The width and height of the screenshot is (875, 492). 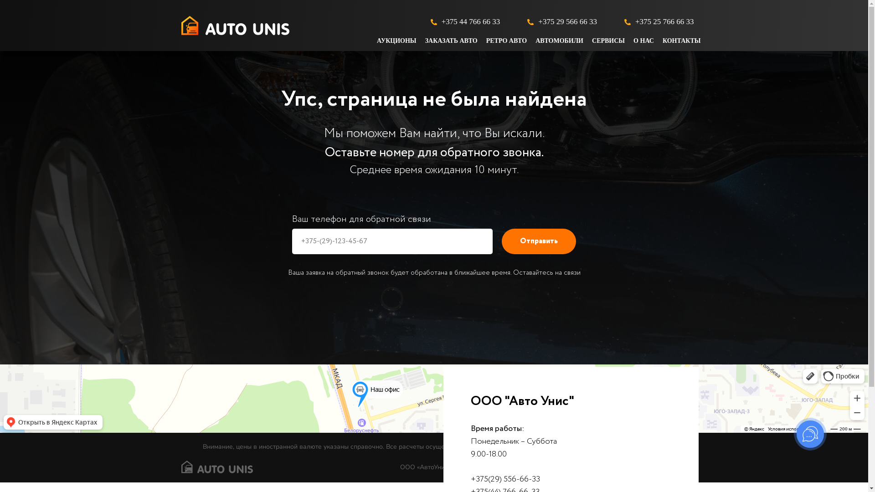 I want to click on '+375(29) 556-66-33', so click(x=504, y=479).